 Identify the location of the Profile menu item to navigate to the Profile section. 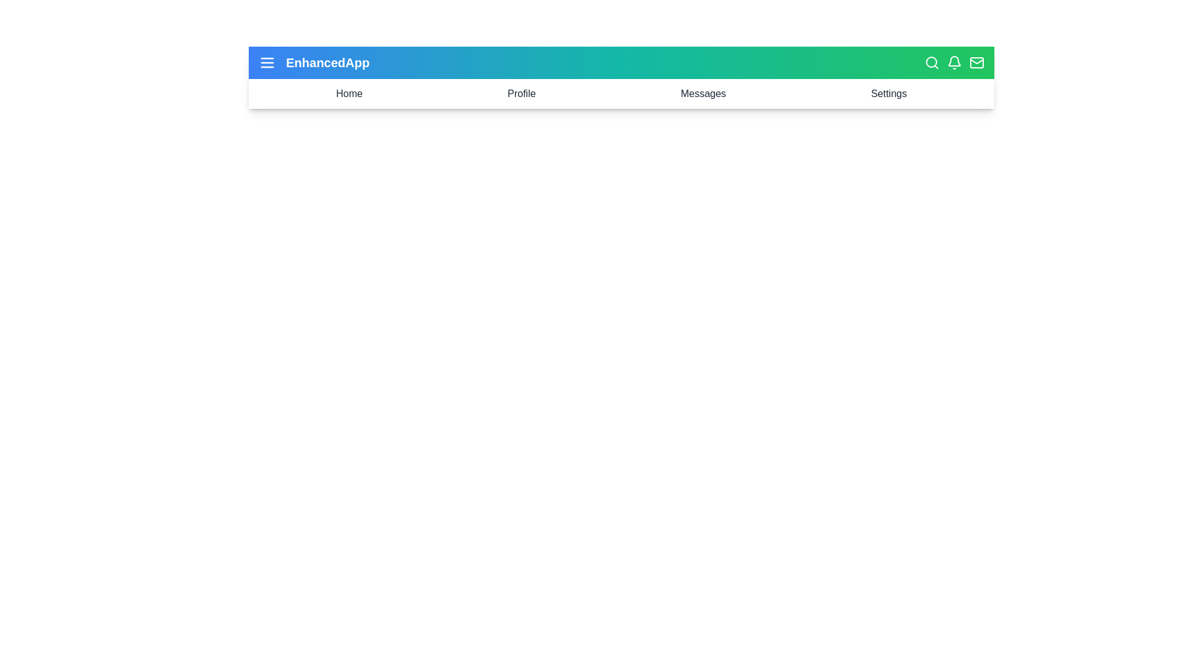
(521, 93).